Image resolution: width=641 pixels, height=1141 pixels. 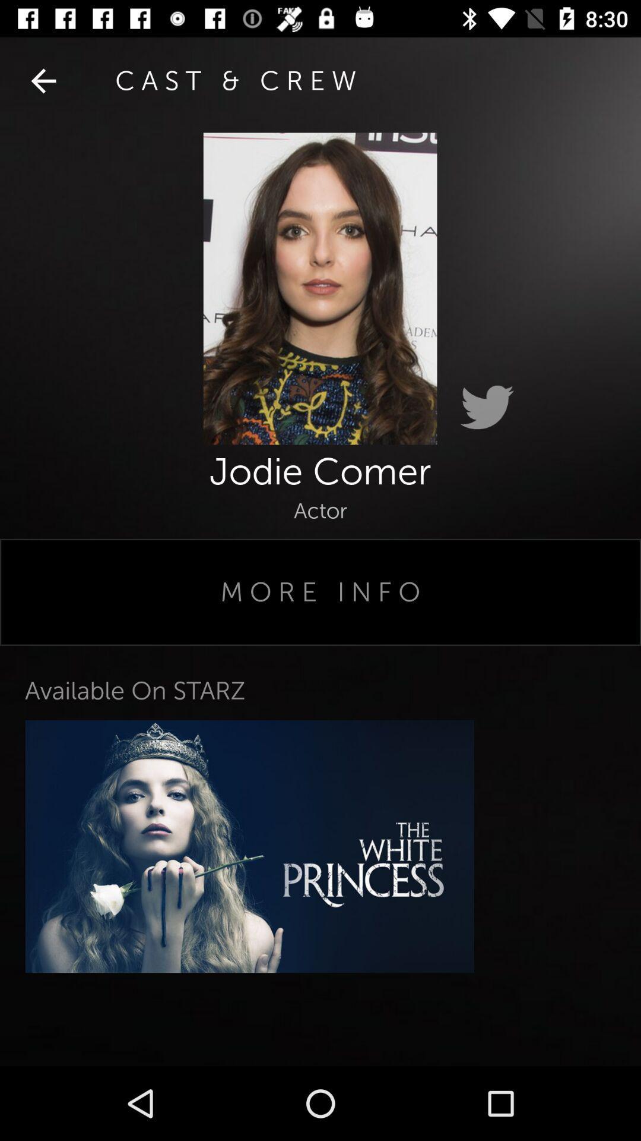 What do you see at coordinates (43, 80) in the screenshot?
I see `the icon above the actor` at bounding box center [43, 80].